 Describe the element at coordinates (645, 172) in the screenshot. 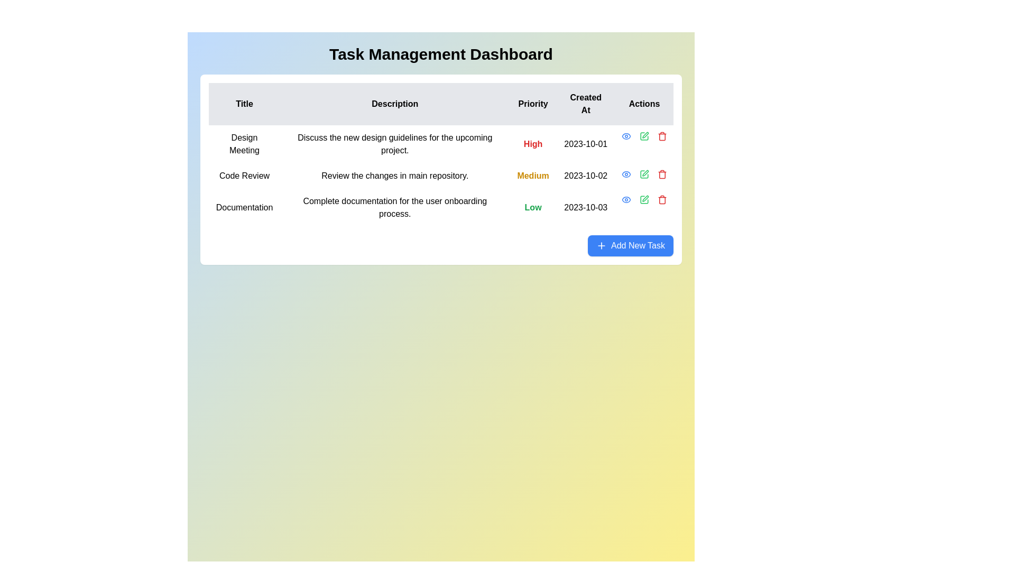

I see `the edit icon button in the 'Actions' column of the task list for the task labeled 'Code Review'` at that location.